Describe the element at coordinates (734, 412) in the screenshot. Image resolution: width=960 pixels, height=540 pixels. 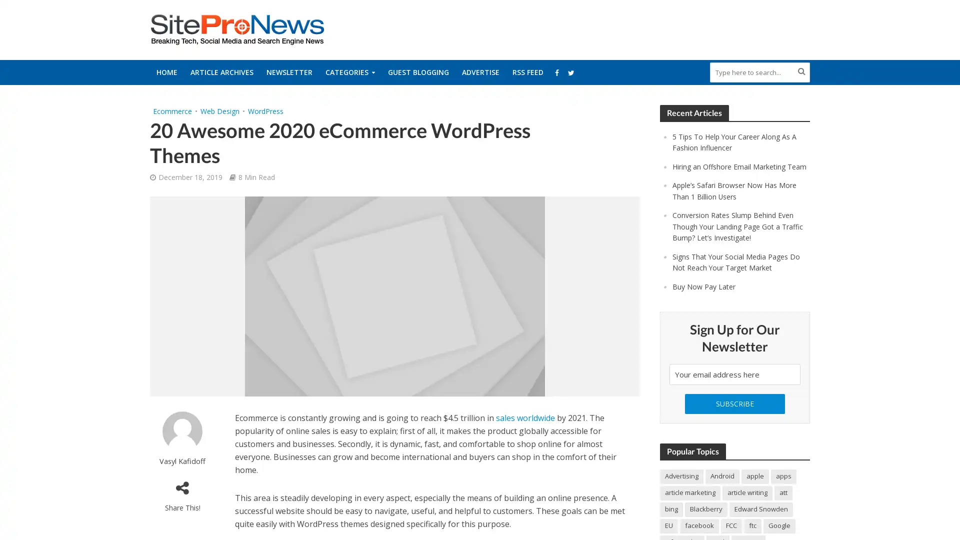
I see `Subscribe` at that location.